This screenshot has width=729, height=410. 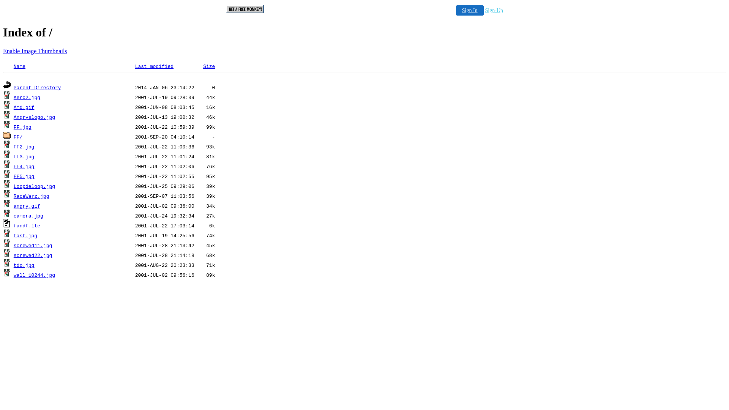 I want to click on 'RaceWarz.jpg', so click(x=31, y=196).